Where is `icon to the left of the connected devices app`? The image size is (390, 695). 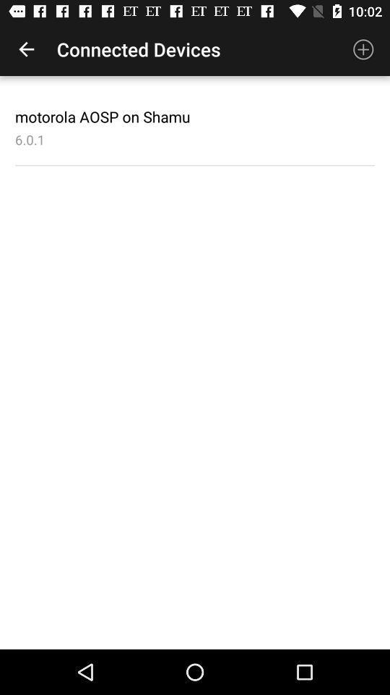 icon to the left of the connected devices app is located at coordinates (26, 49).